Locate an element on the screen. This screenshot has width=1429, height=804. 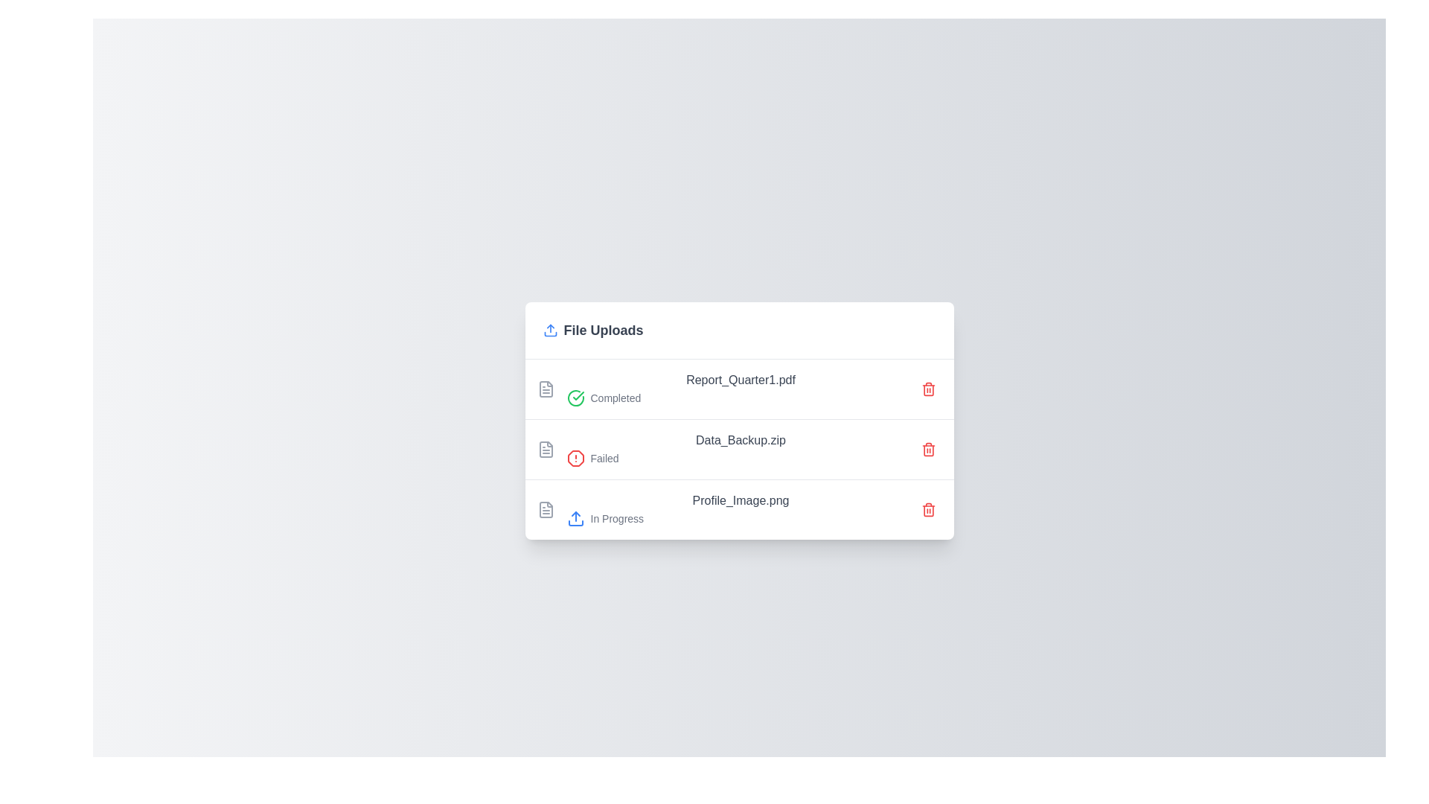
the delete button for the file 'Report_Quarter1.pdf' is located at coordinates (927, 388).